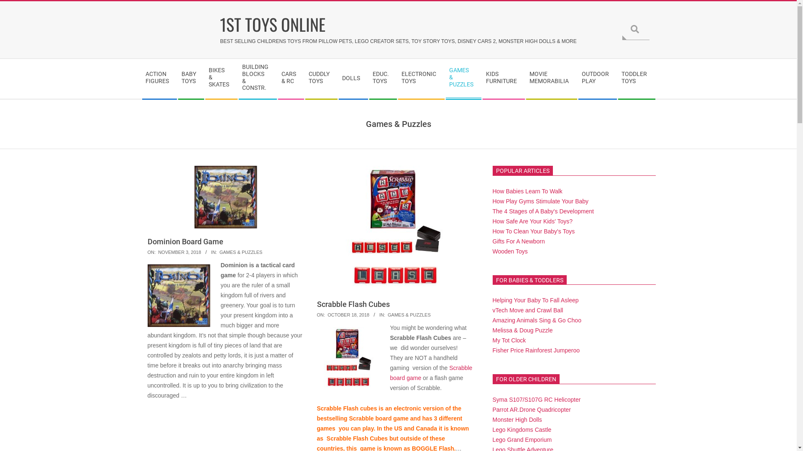 The height and width of the screenshot is (451, 803). I want to click on 'Scrabble Flash Cubes', so click(353, 304).